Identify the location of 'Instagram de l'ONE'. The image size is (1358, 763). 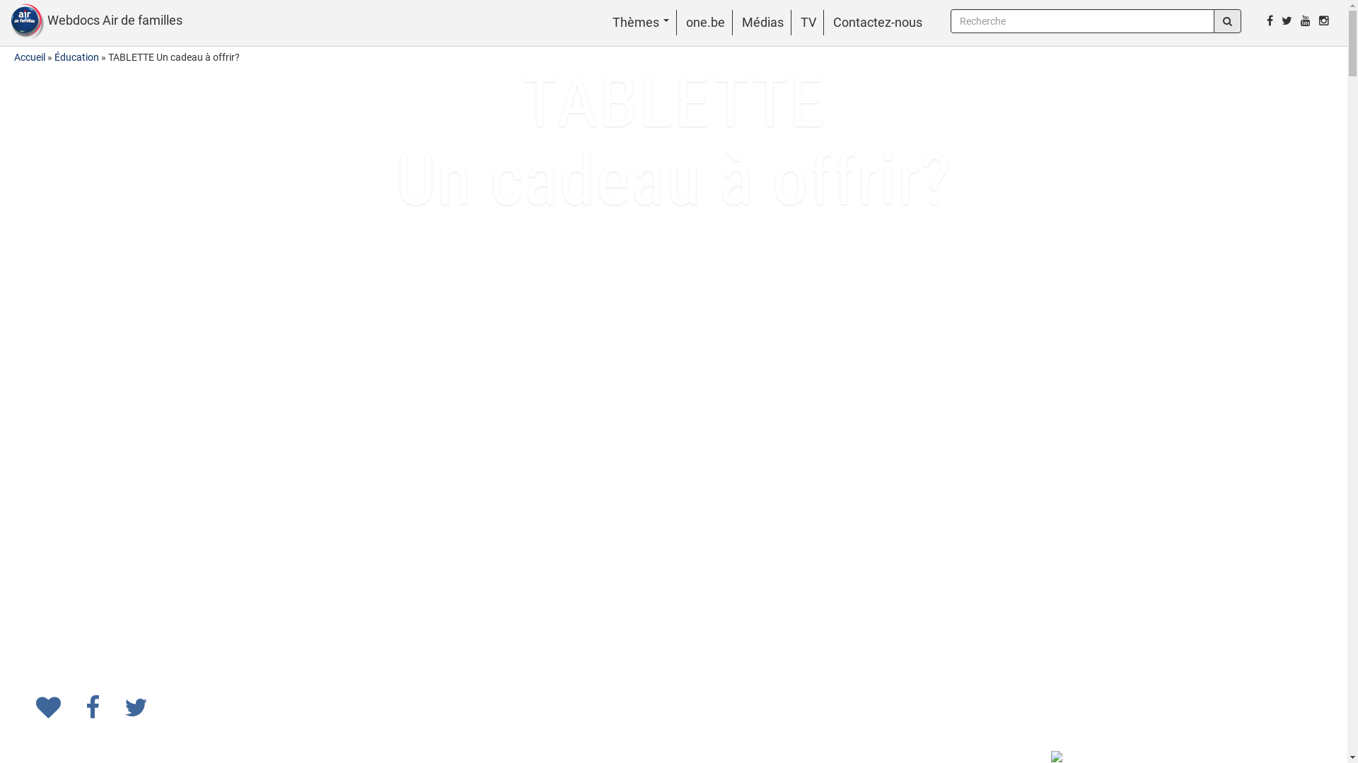
(1323, 20).